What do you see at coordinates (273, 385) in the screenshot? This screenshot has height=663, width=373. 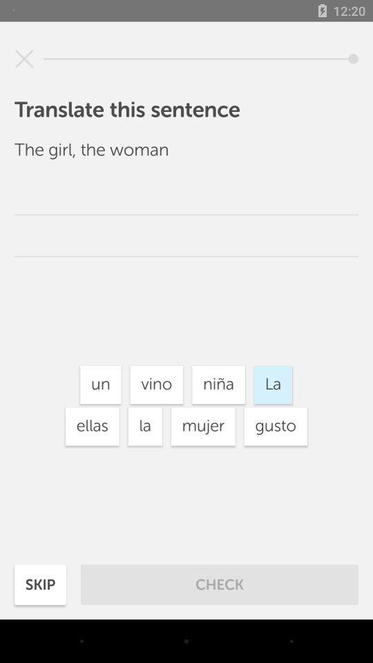 I see `the button which is above the button gusto` at bounding box center [273, 385].